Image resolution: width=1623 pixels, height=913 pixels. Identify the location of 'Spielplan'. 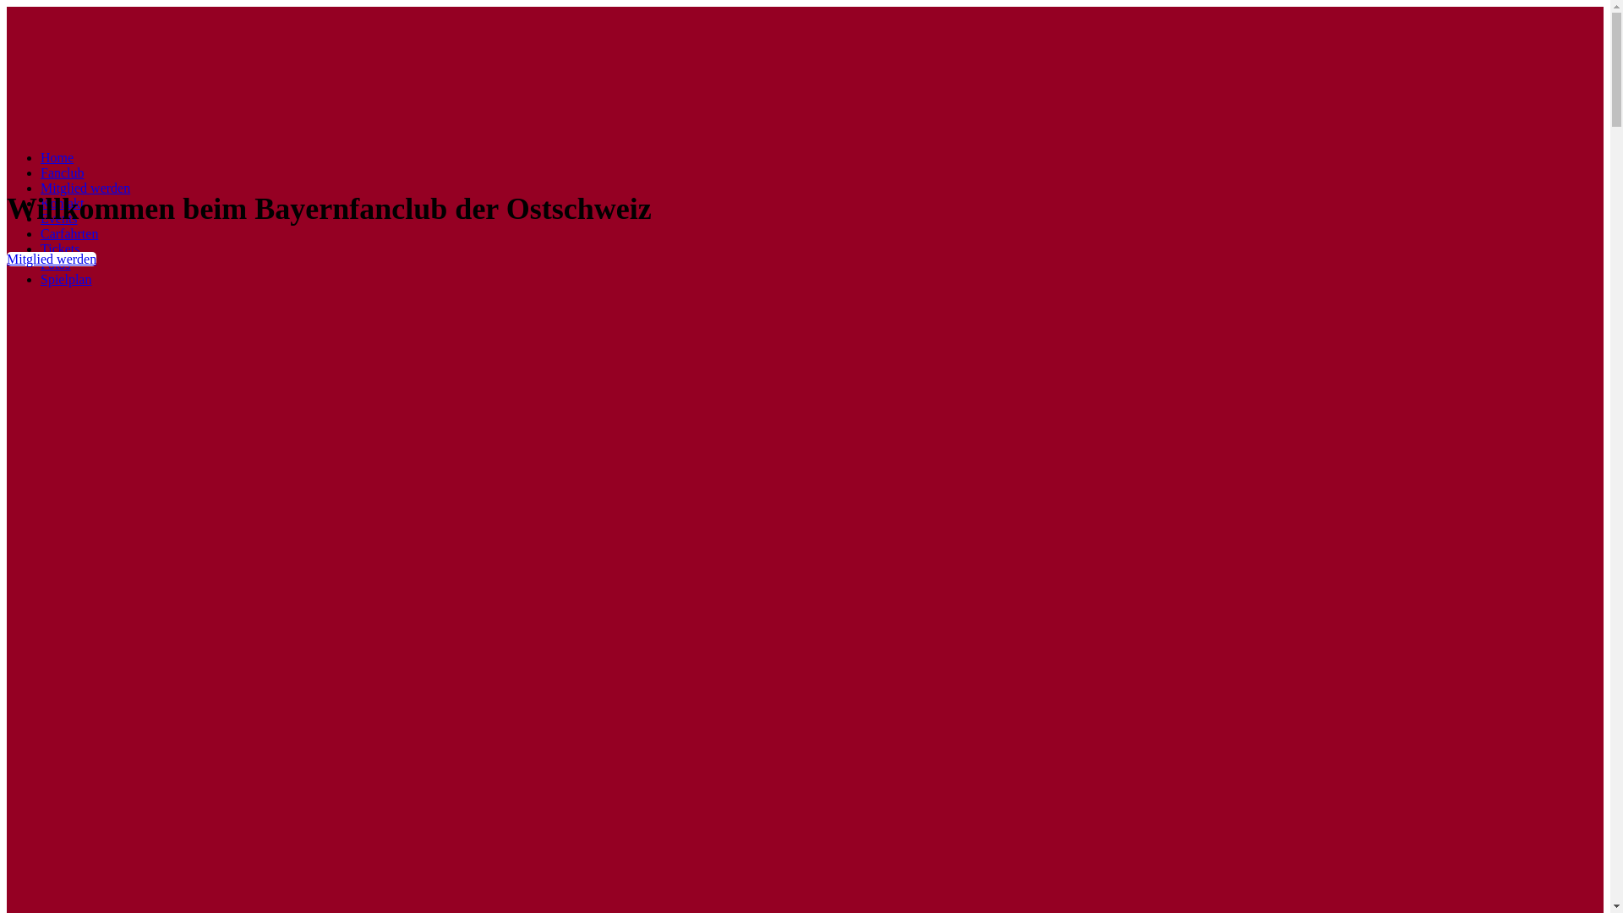
(65, 278).